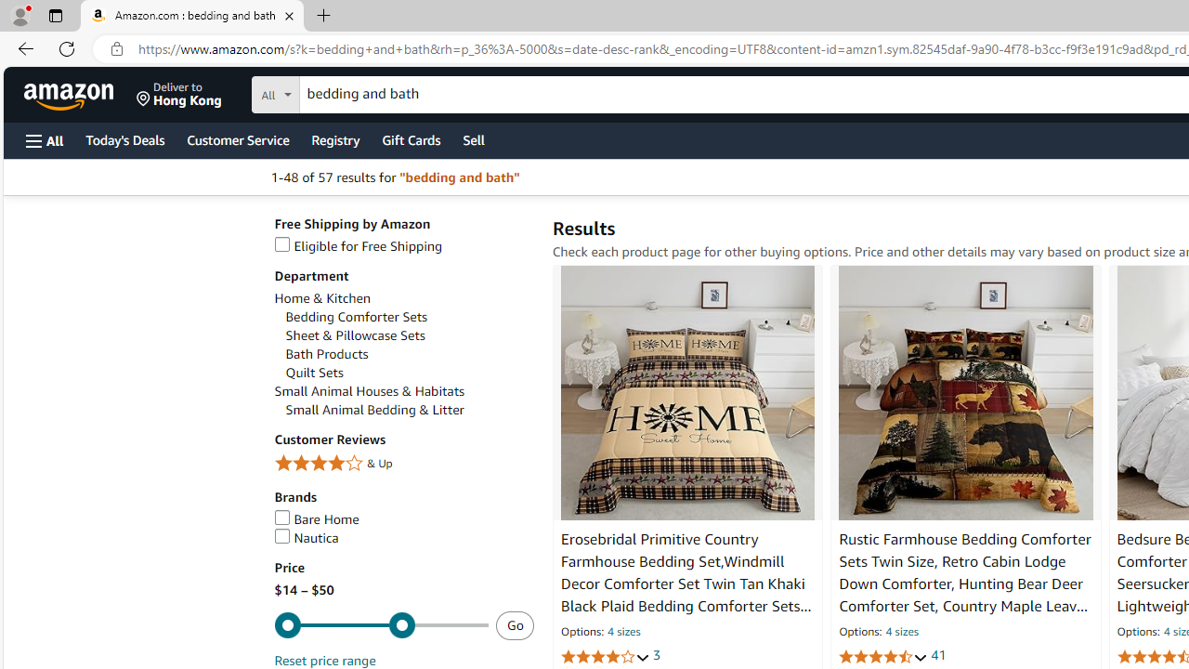  What do you see at coordinates (402, 245) in the screenshot?
I see `'Eligible for Free Shipping'` at bounding box center [402, 245].